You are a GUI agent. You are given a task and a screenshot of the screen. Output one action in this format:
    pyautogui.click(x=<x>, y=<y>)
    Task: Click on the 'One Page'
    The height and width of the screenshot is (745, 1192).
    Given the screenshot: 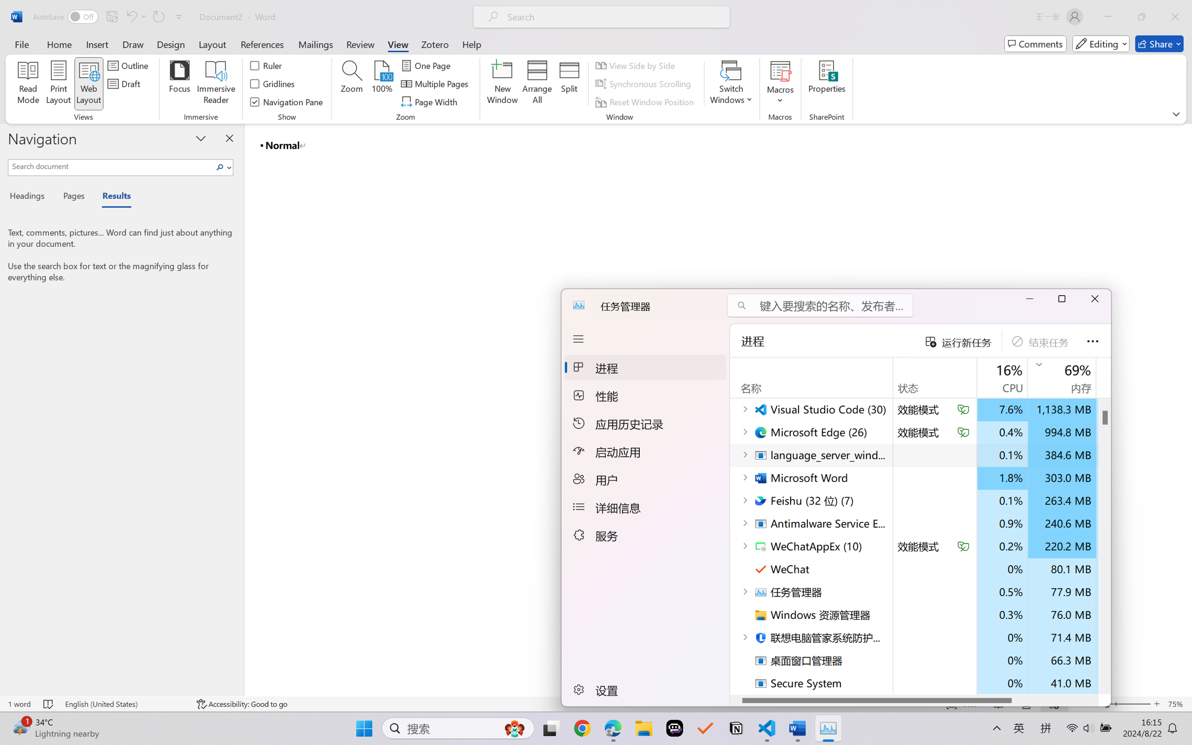 What is the action you would take?
    pyautogui.click(x=427, y=65)
    